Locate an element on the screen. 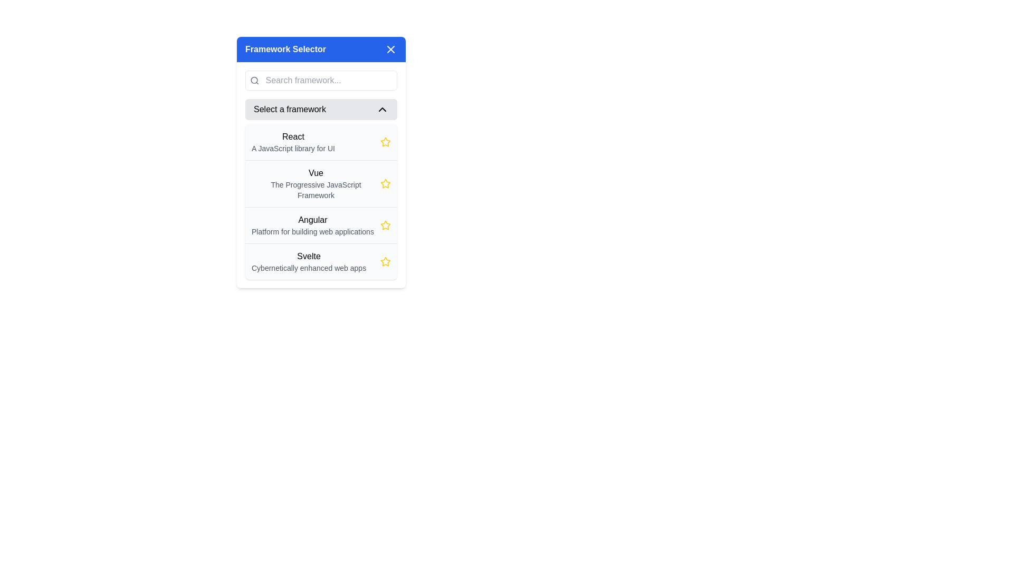  the Text Node that represents the name of the framework option in the 'Framework Selector' modal is located at coordinates (316, 172).